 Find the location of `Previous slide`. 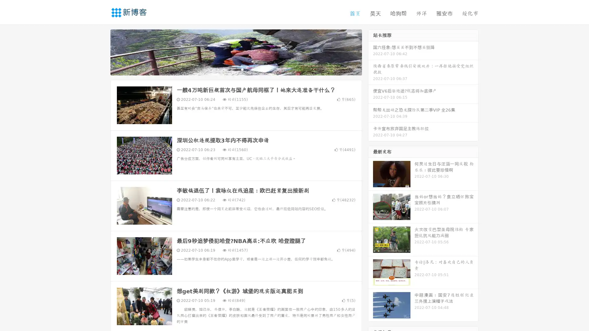

Previous slide is located at coordinates (101, 51).